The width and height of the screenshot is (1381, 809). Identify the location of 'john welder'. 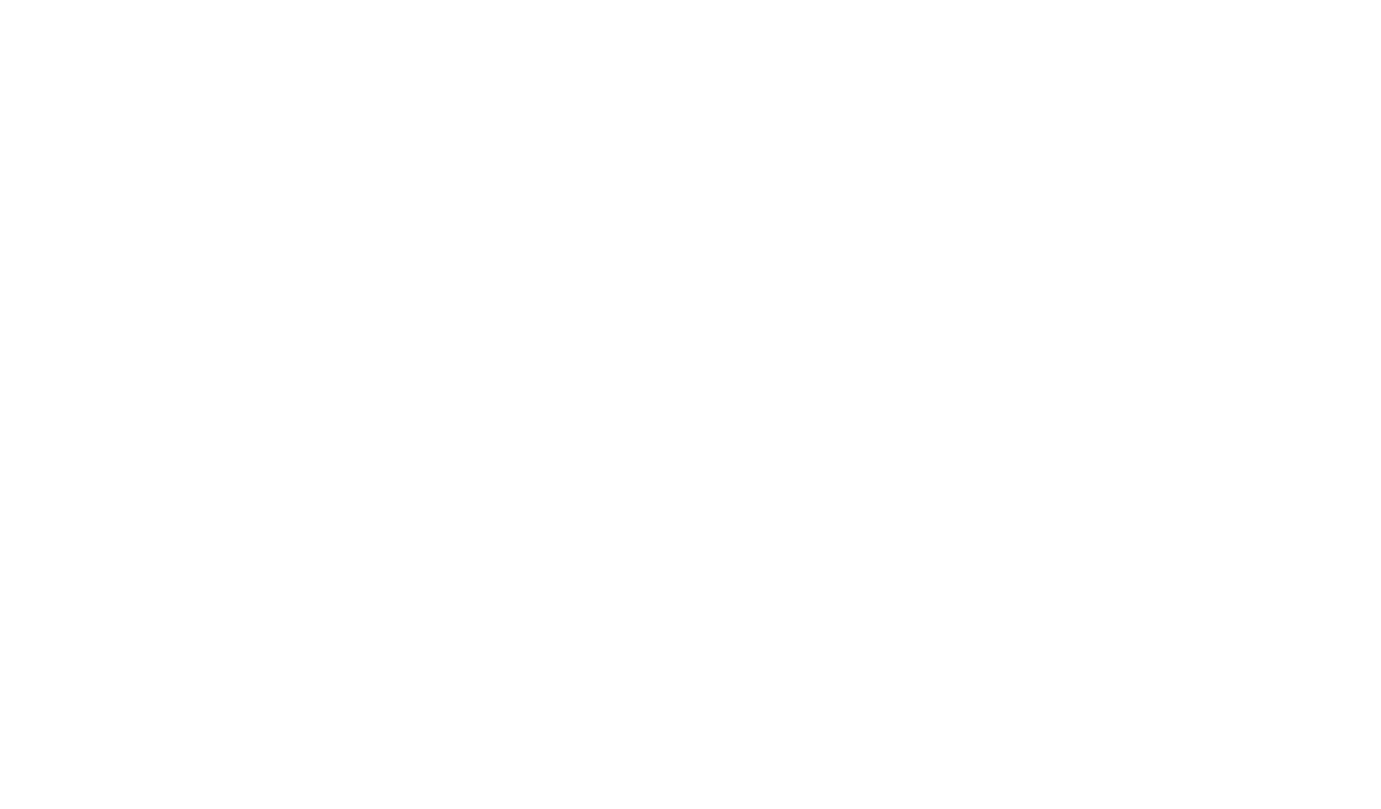
(241, 369).